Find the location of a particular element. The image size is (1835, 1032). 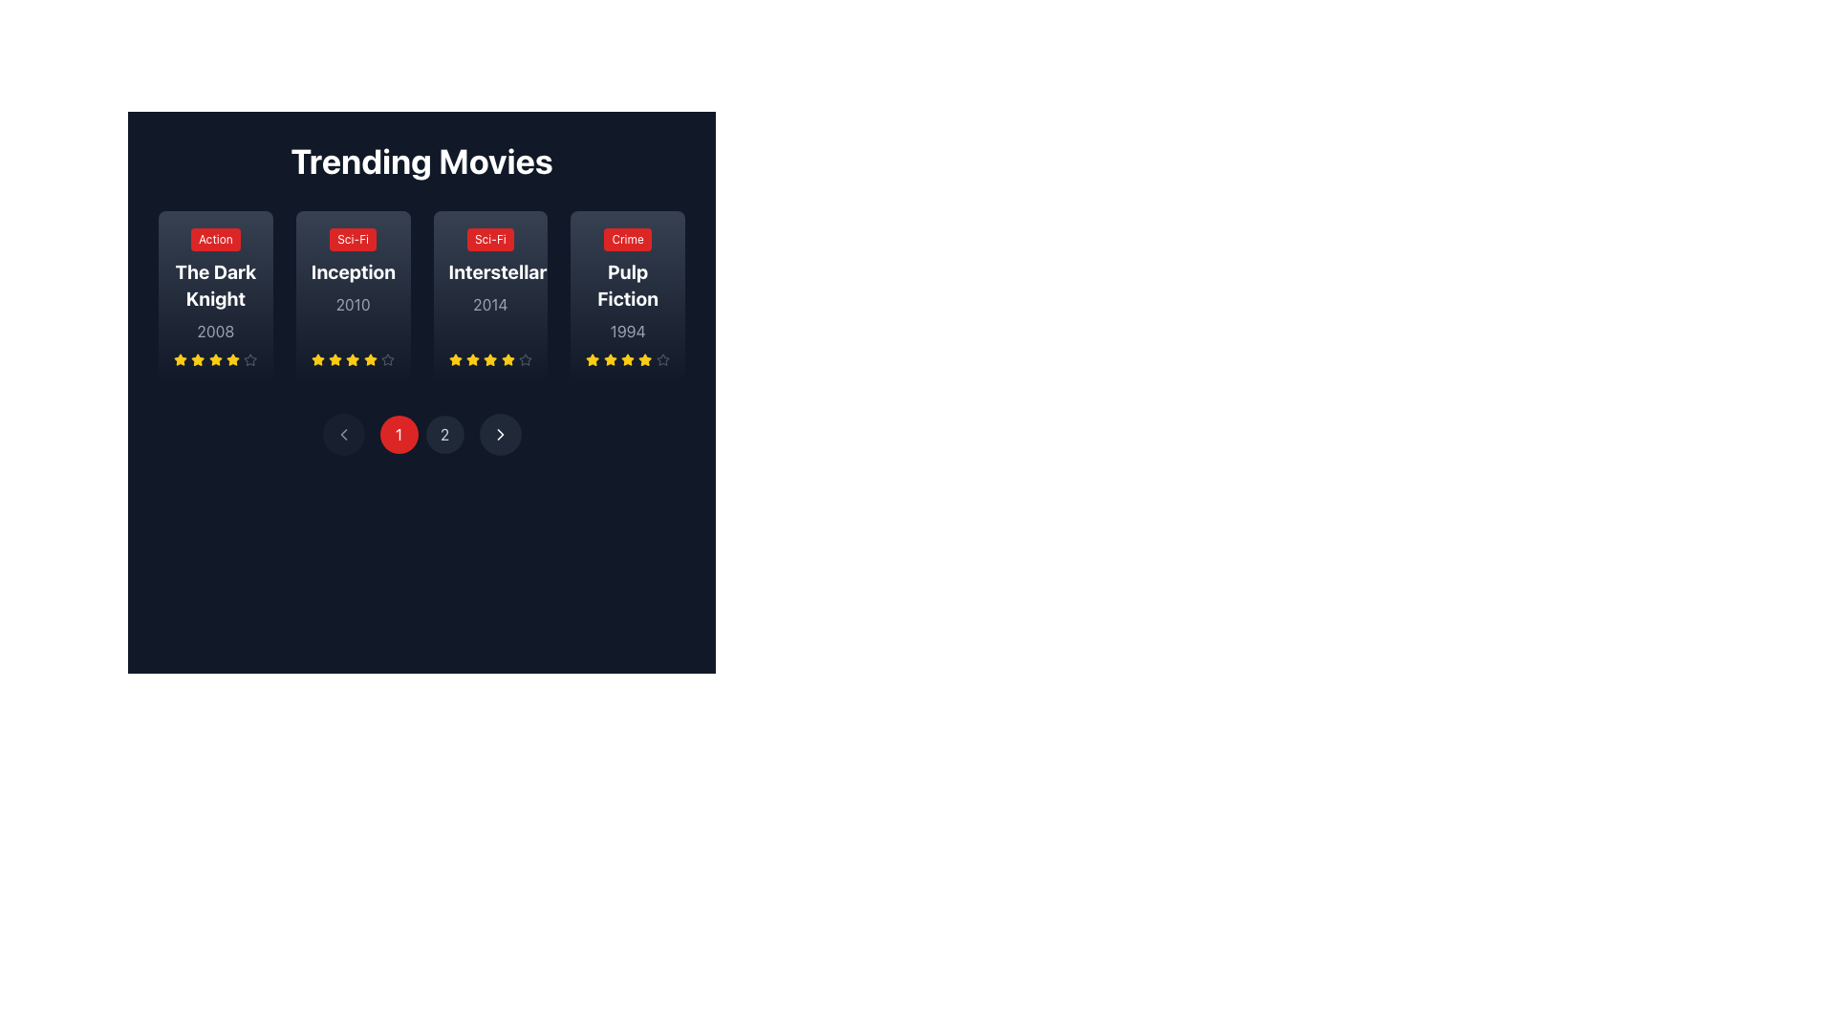

the fourth yellow star-shaped icon in the series of five stars beneath the 'Pulp Fiction' card using accessibility tools is located at coordinates (628, 358).